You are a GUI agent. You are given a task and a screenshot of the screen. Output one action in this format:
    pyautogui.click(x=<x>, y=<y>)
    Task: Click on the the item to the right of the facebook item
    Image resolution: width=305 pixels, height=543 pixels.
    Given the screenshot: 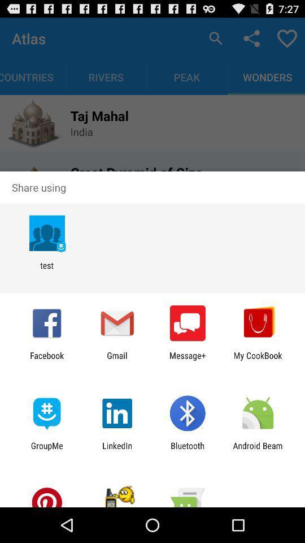 What is the action you would take?
    pyautogui.click(x=116, y=360)
    